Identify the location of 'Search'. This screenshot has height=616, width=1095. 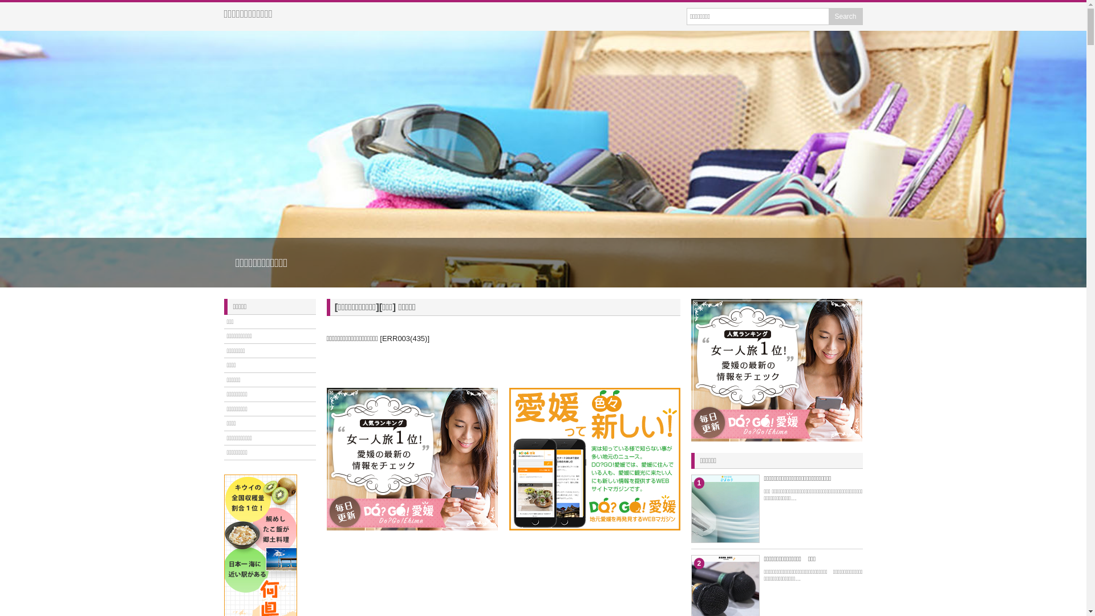
(828, 17).